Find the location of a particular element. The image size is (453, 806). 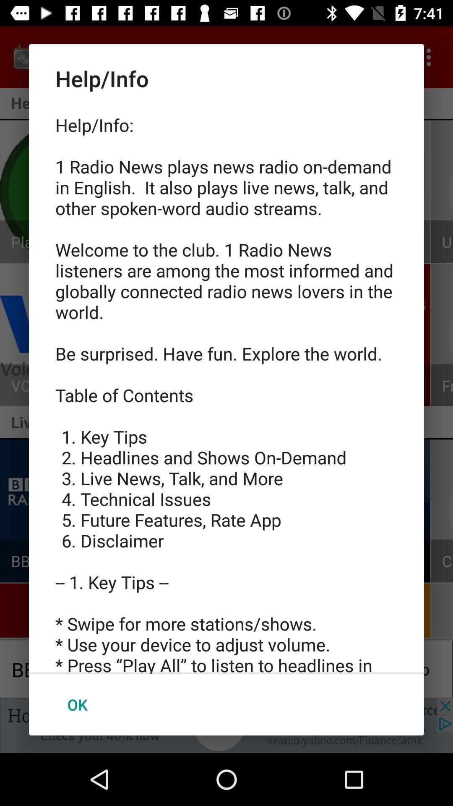

ok item is located at coordinates (77, 704).